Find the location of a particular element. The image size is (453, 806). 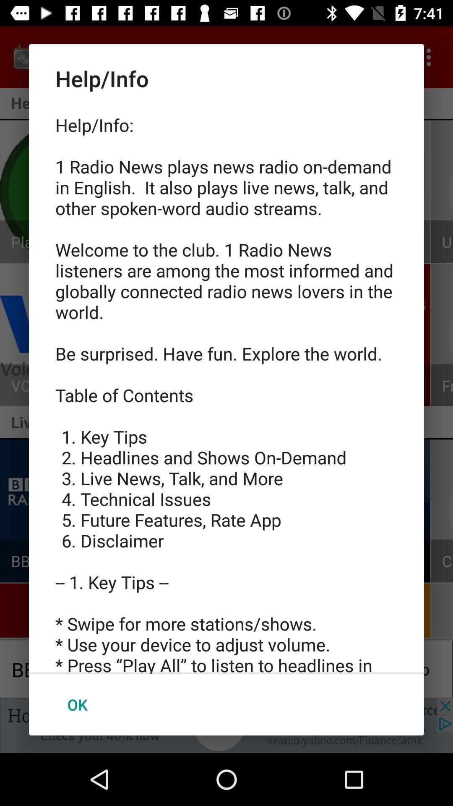

ok item is located at coordinates (77, 704).